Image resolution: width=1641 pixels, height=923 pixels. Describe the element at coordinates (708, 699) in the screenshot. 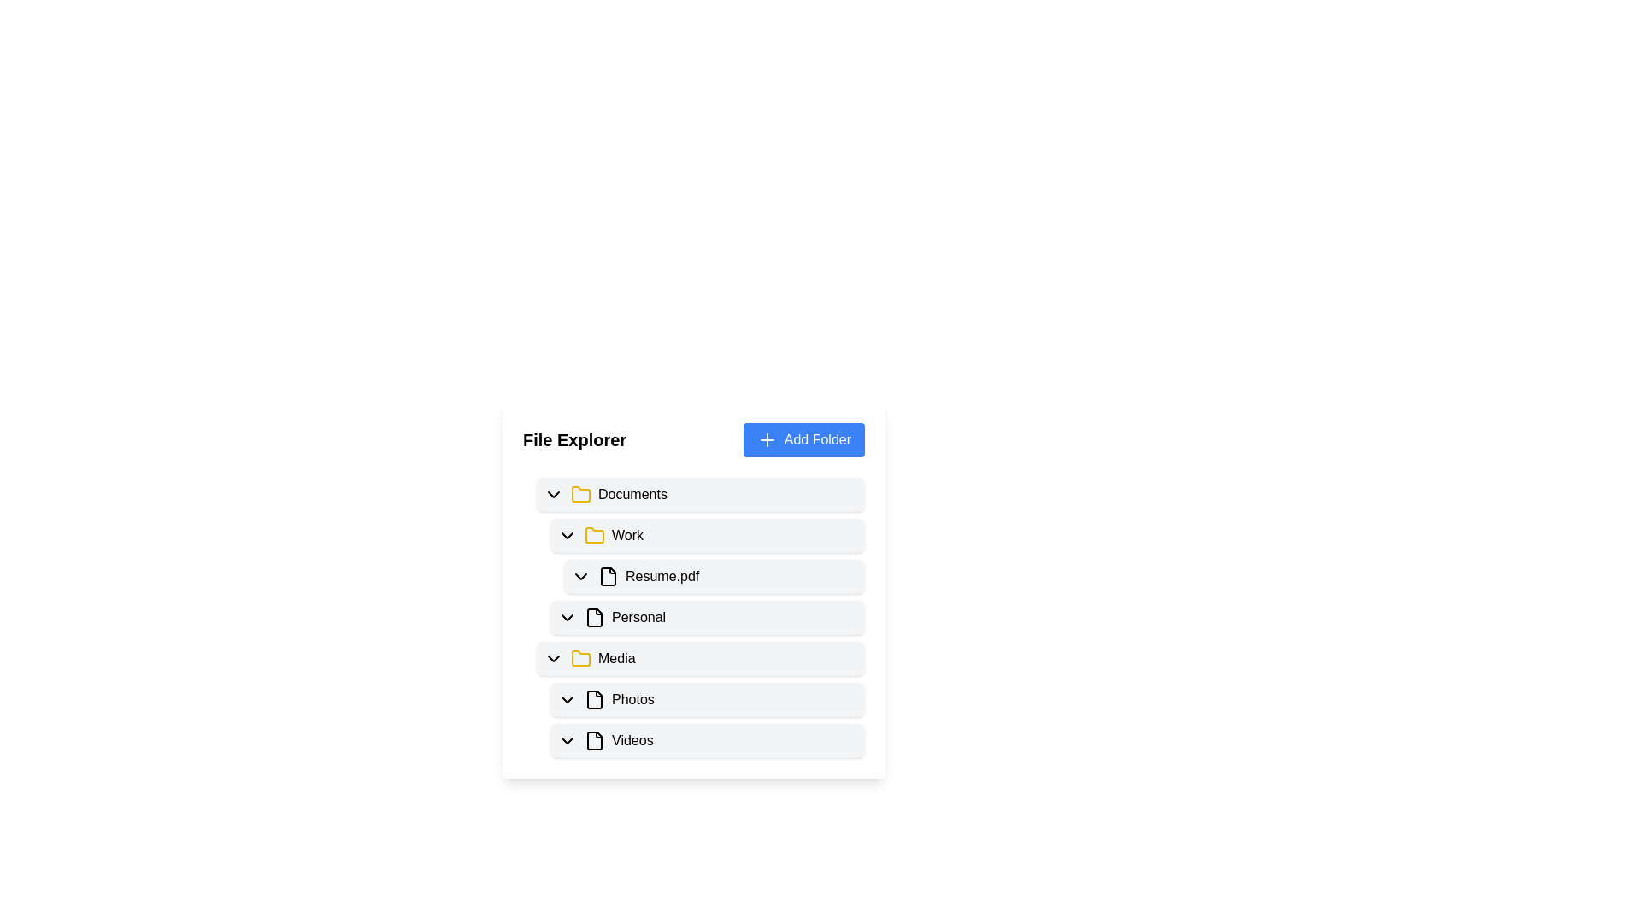

I see `the 'Photos' directory item in the 'Media' group` at that location.